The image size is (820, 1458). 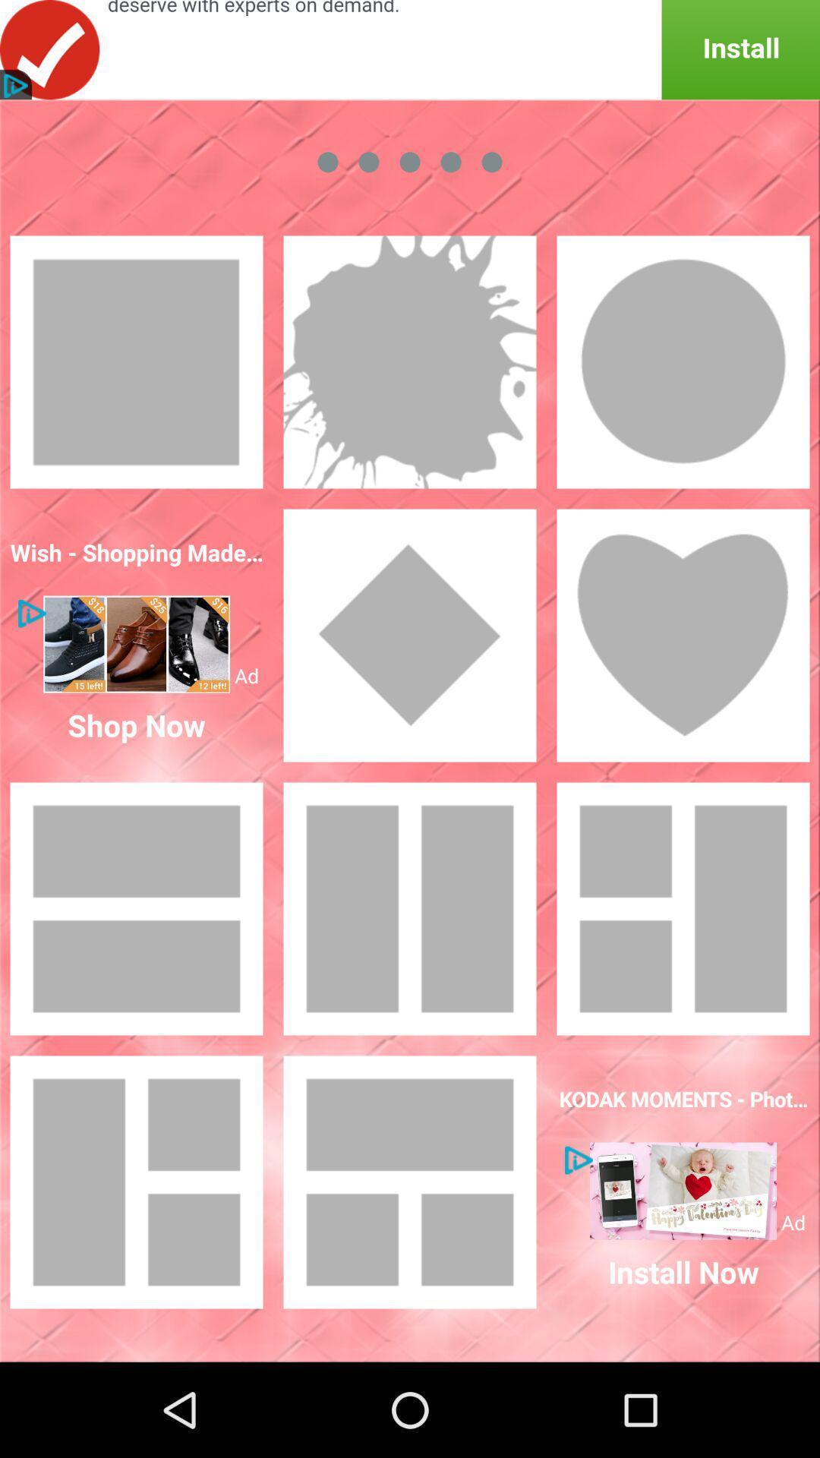 What do you see at coordinates (137, 361) in the screenshot?
I see `the square option` at bounding box center [137, 361].